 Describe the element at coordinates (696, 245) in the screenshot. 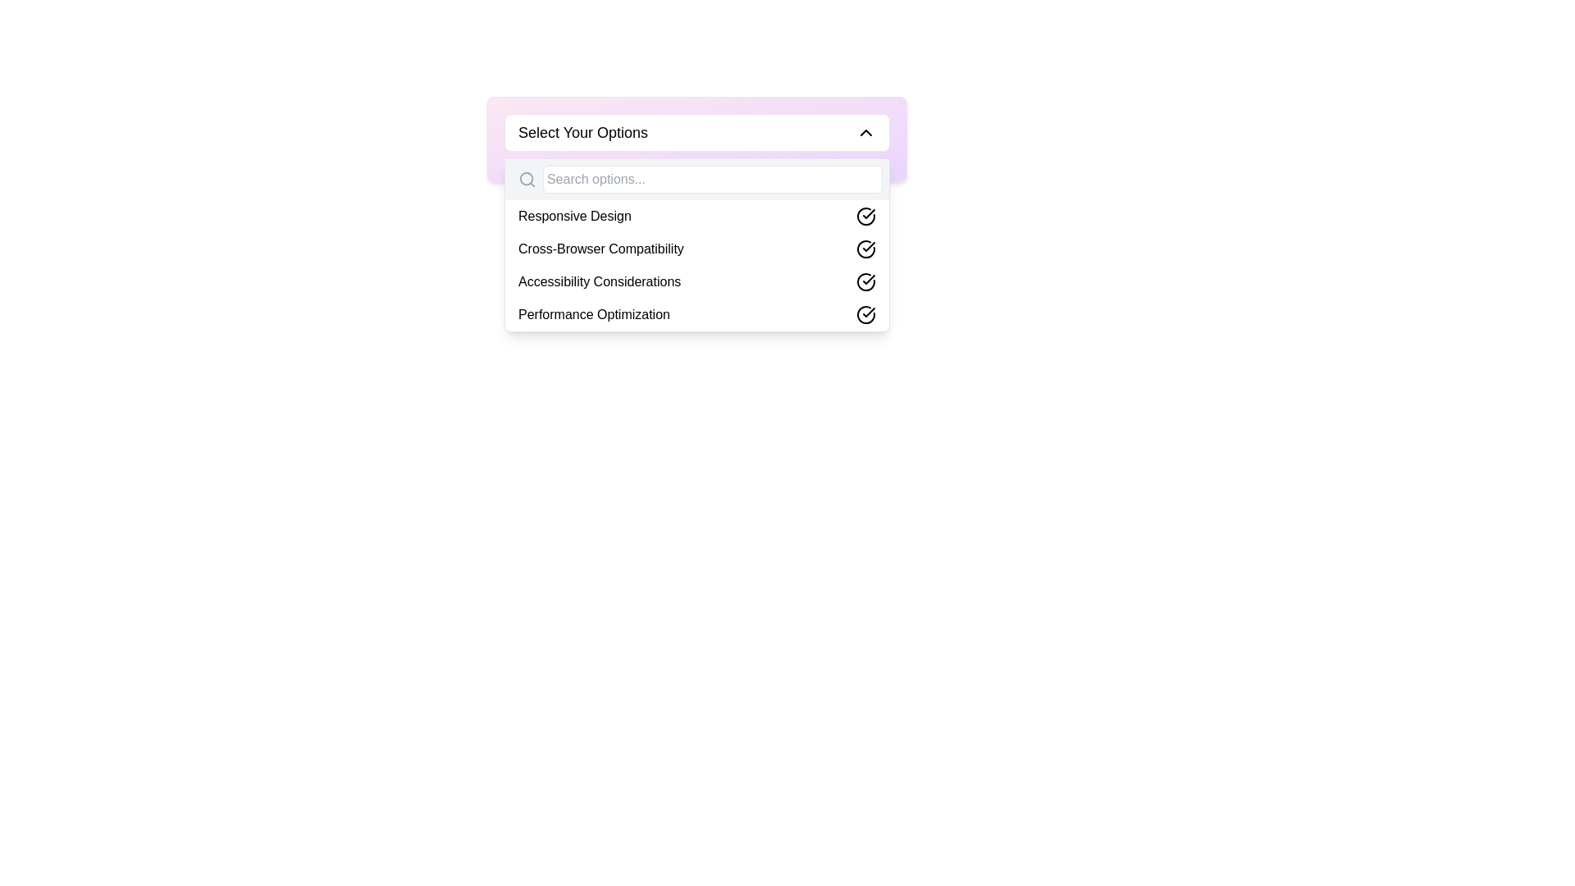

I see `an option from the drop-down menu styled with a white background and rounded corners located beneath the 'Select Your Options' button` at that location.